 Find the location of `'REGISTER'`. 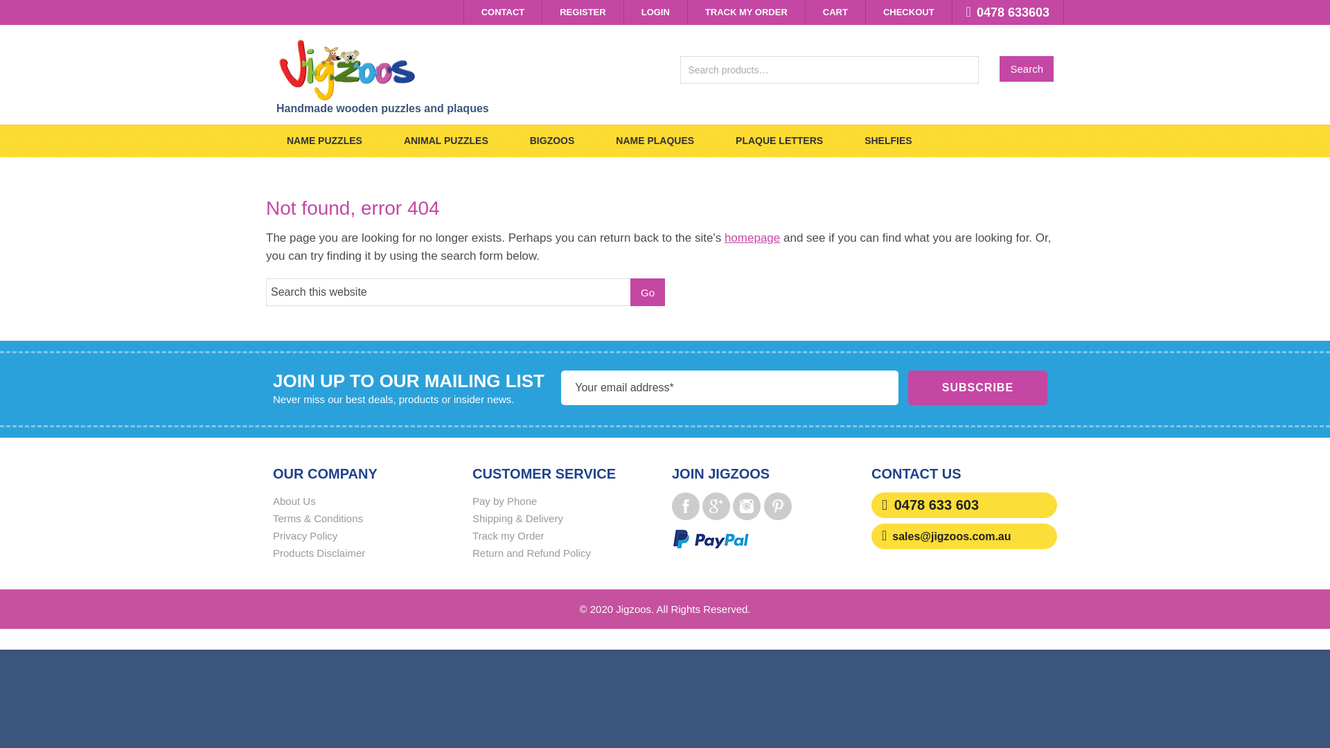

'REGISTER' is located at coordinates (541, 12).